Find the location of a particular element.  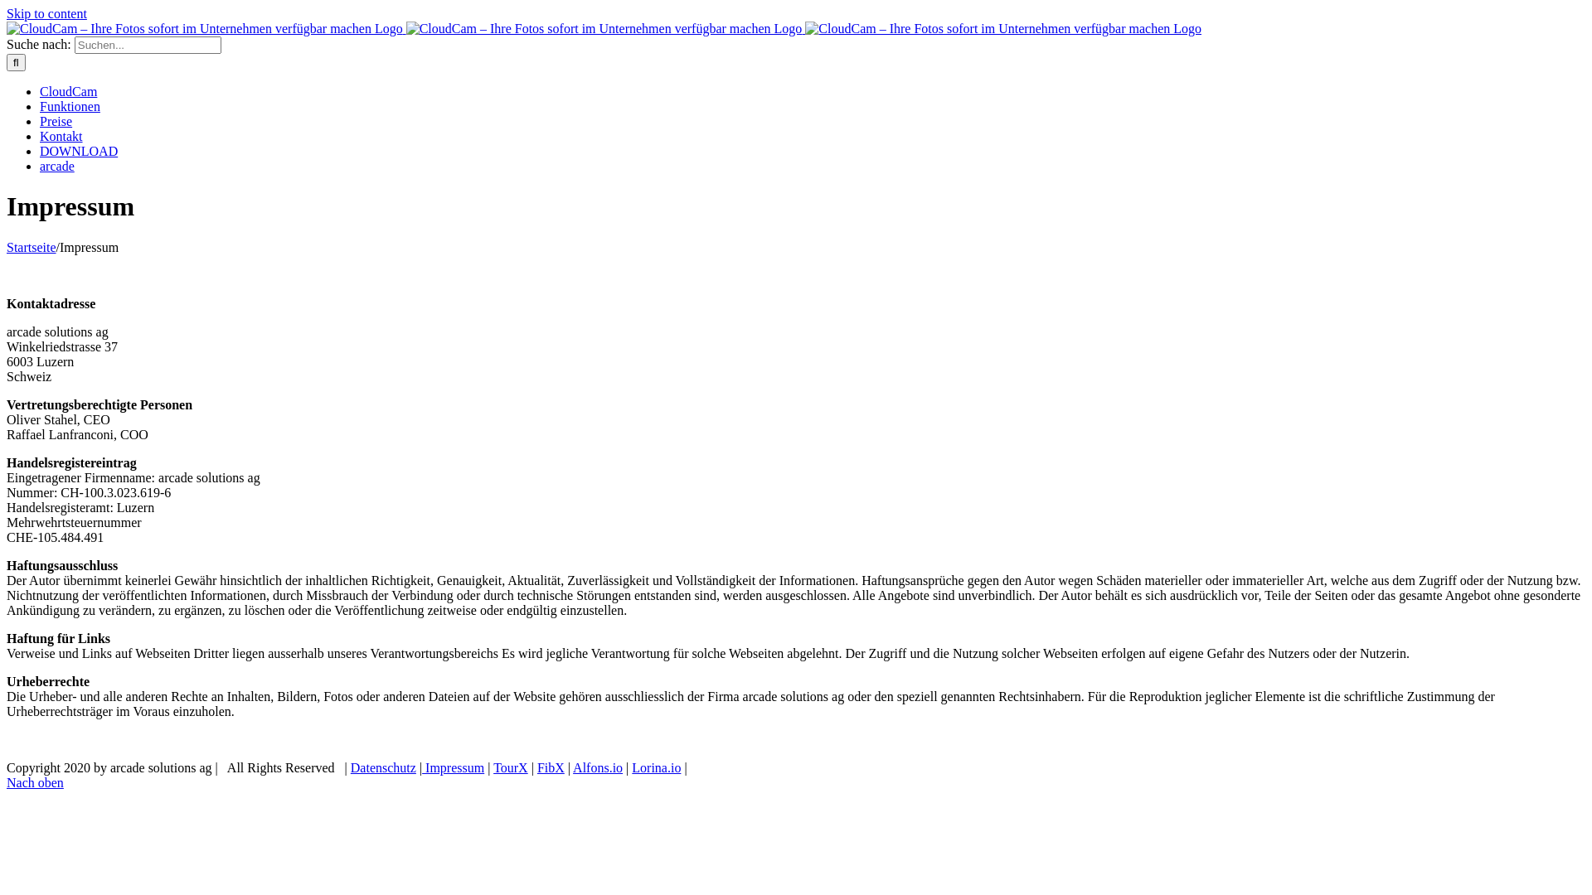

'Funktionen' is located at coordinates (69, 106).